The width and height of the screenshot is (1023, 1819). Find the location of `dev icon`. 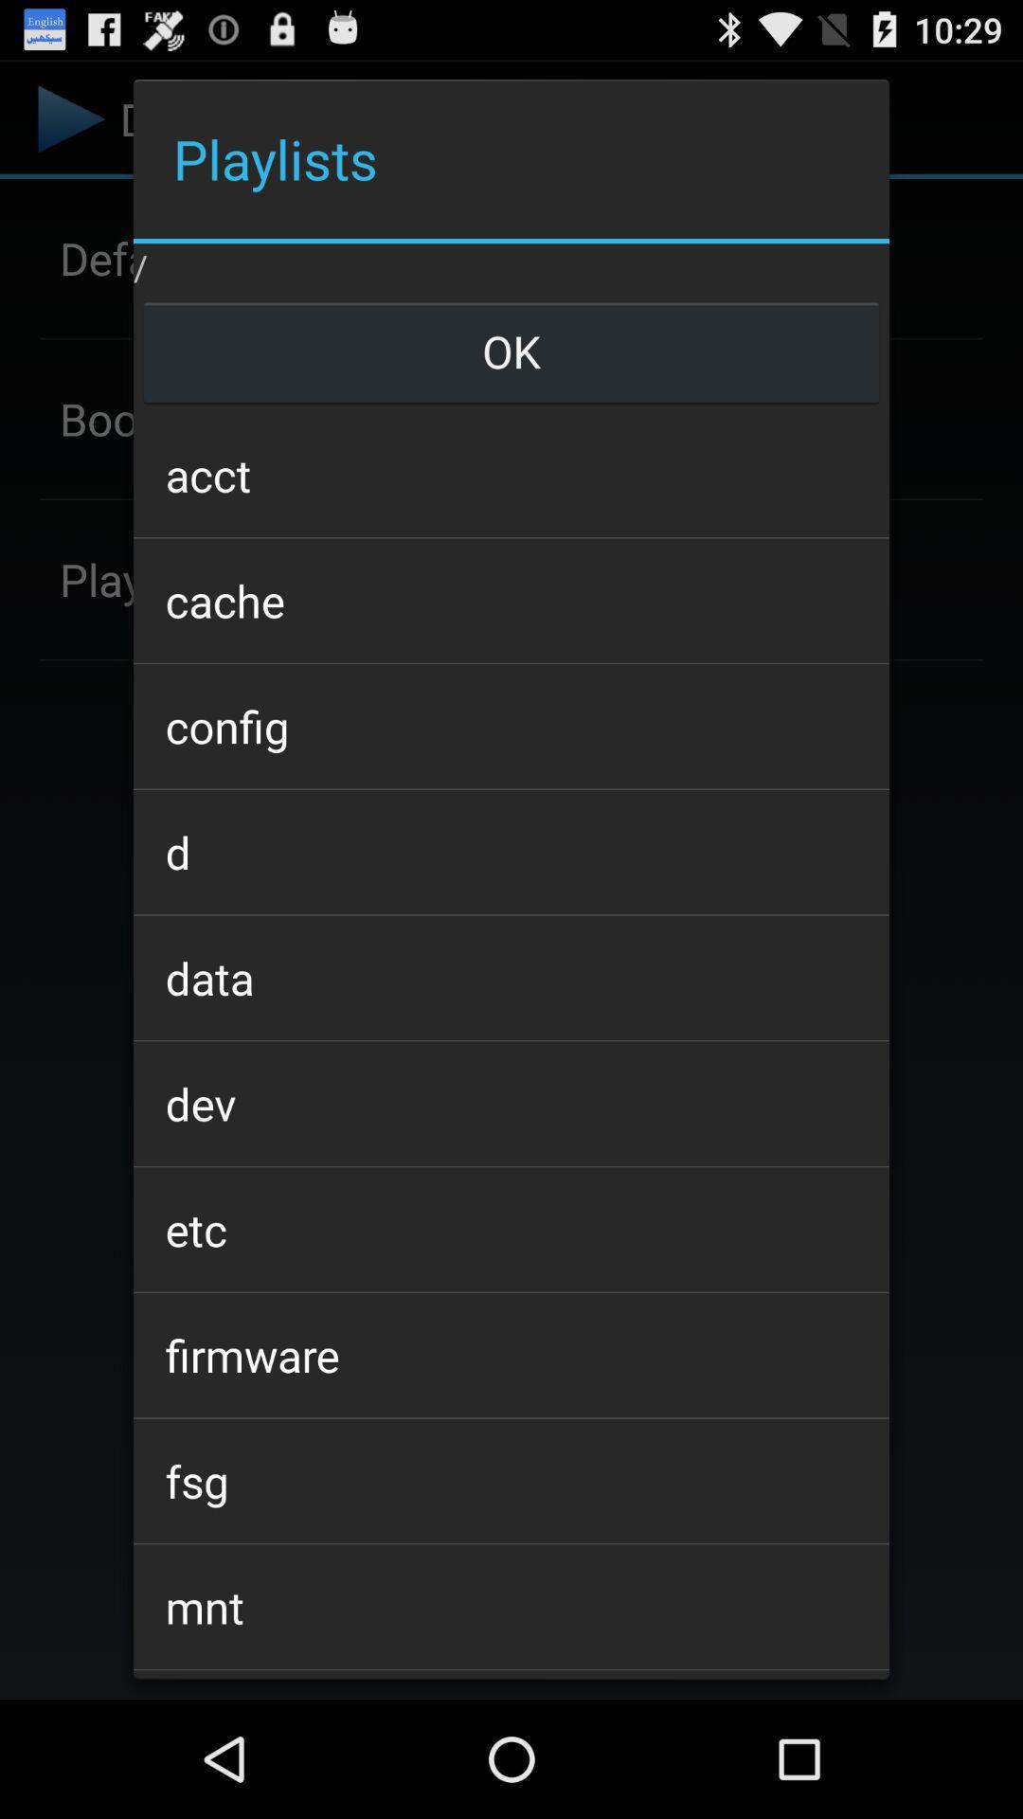

dev icon is located at coordinates (511, 1104).